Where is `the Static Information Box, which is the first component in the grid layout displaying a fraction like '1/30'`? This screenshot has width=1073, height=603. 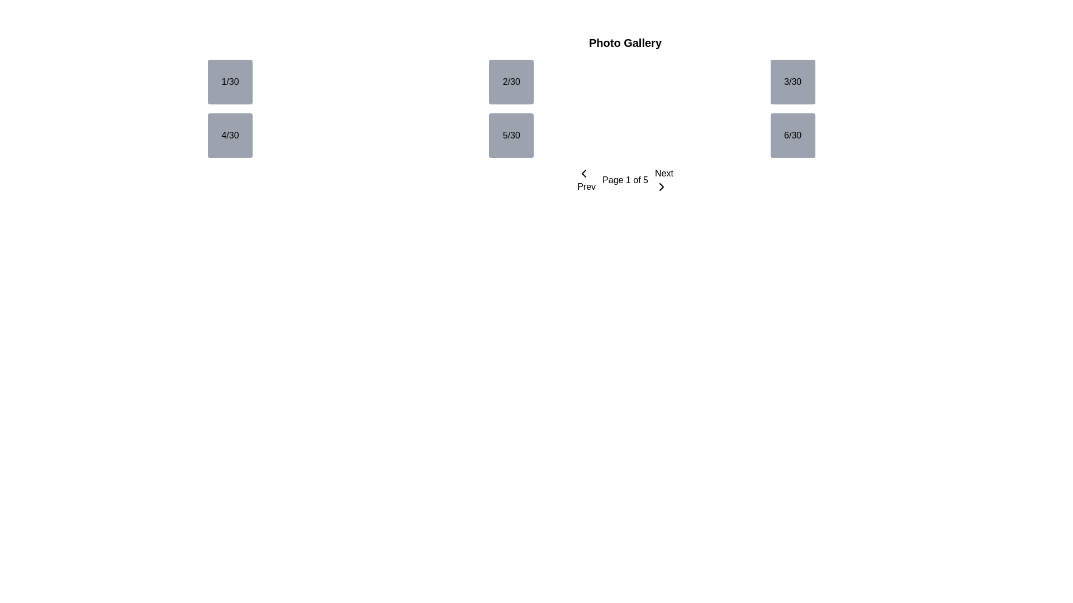 the Static Information Box, which is the first component in the grid layout displaying a fraction like '1/30' is located at coordinates (230, 81).